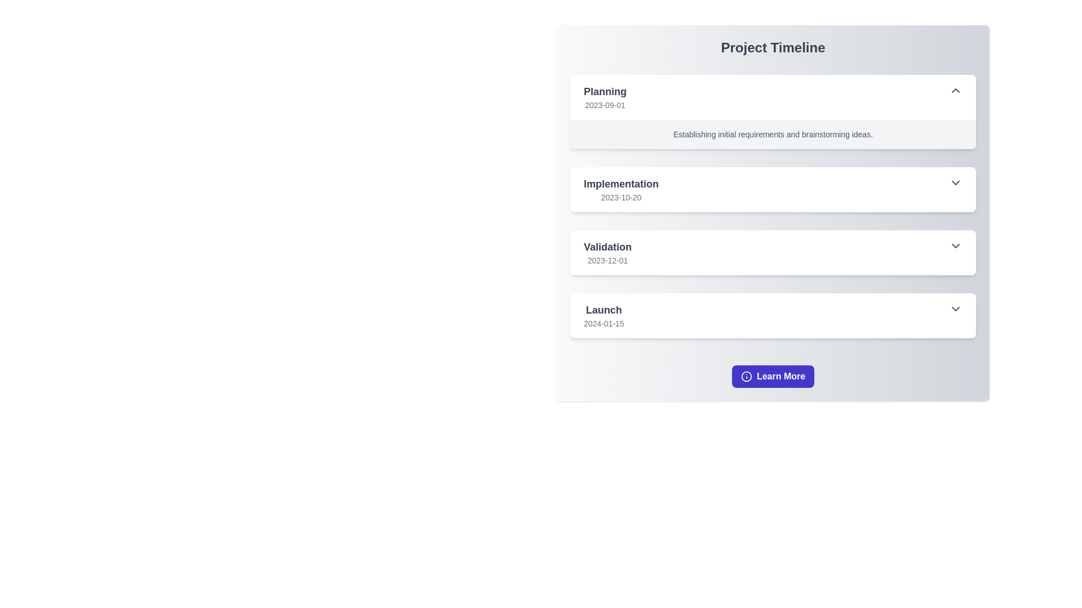 The image size is (1082, 608). What do you see at coordinates (607, 252) in the screenshot?
I see `the static textual display that shows the milestone's title and date '2023-12-01' within the 'Validation' card in the project timeline` at bounding box center [607, 252].